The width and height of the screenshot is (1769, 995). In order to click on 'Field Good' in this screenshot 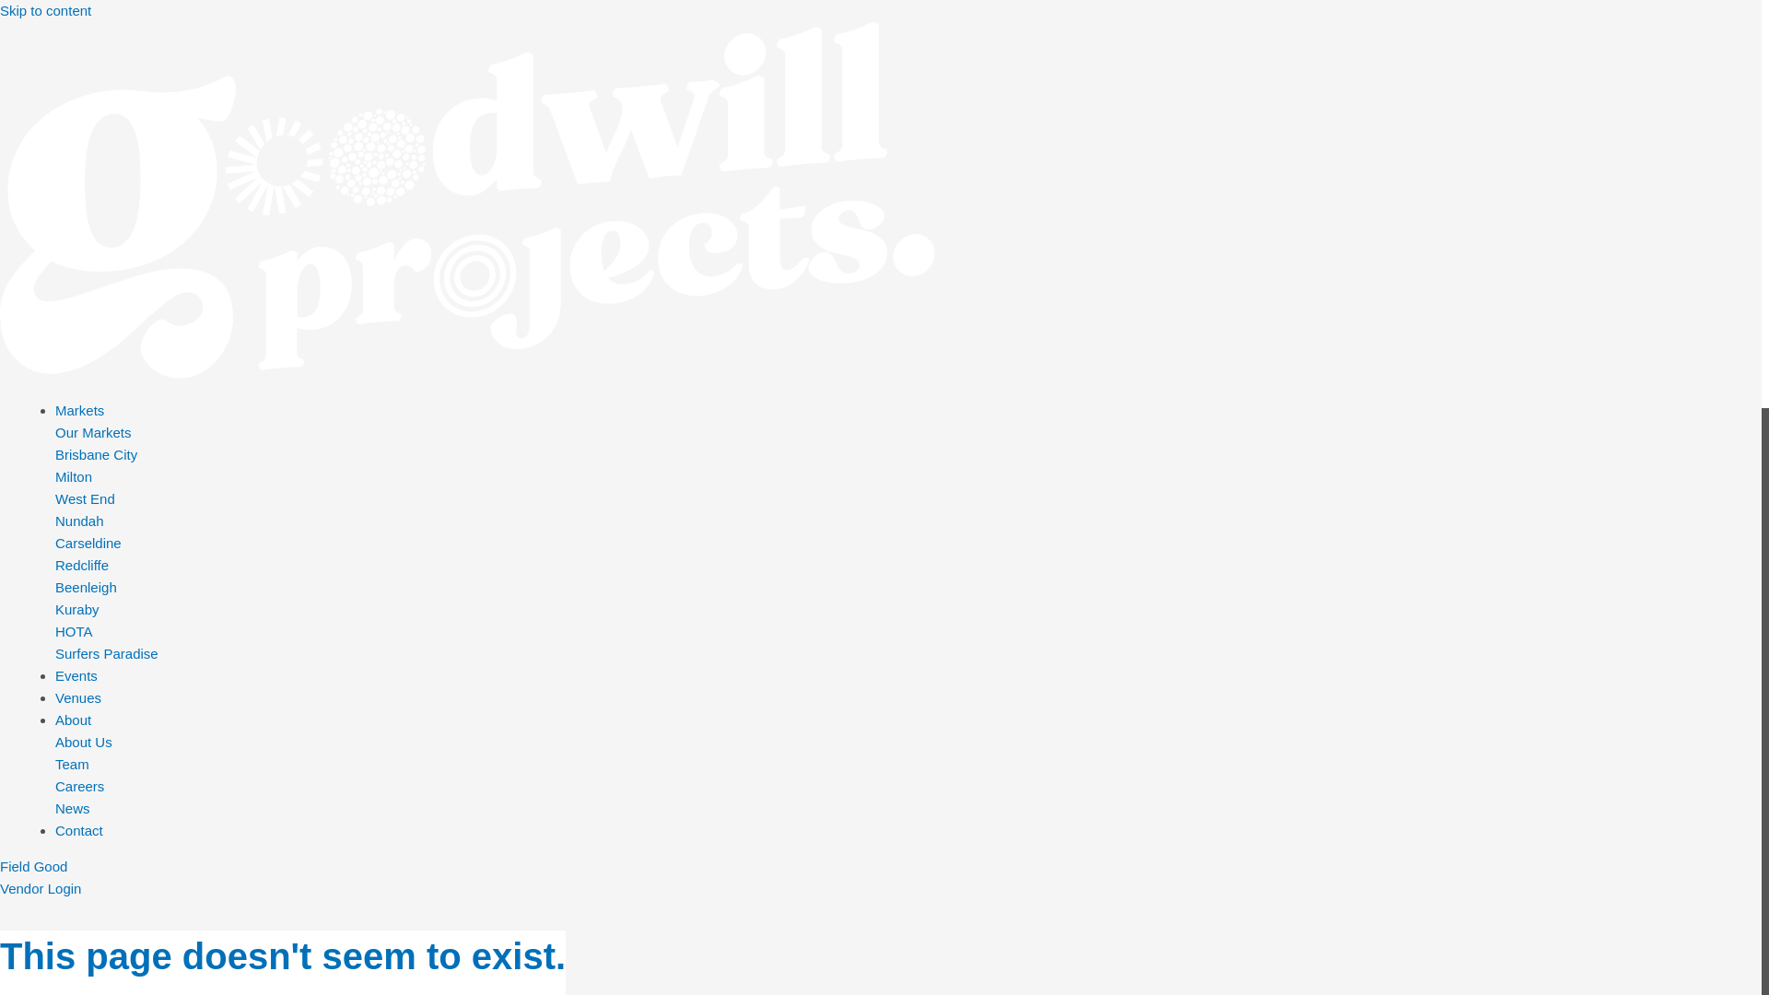, I will do `click(33, 866)`.